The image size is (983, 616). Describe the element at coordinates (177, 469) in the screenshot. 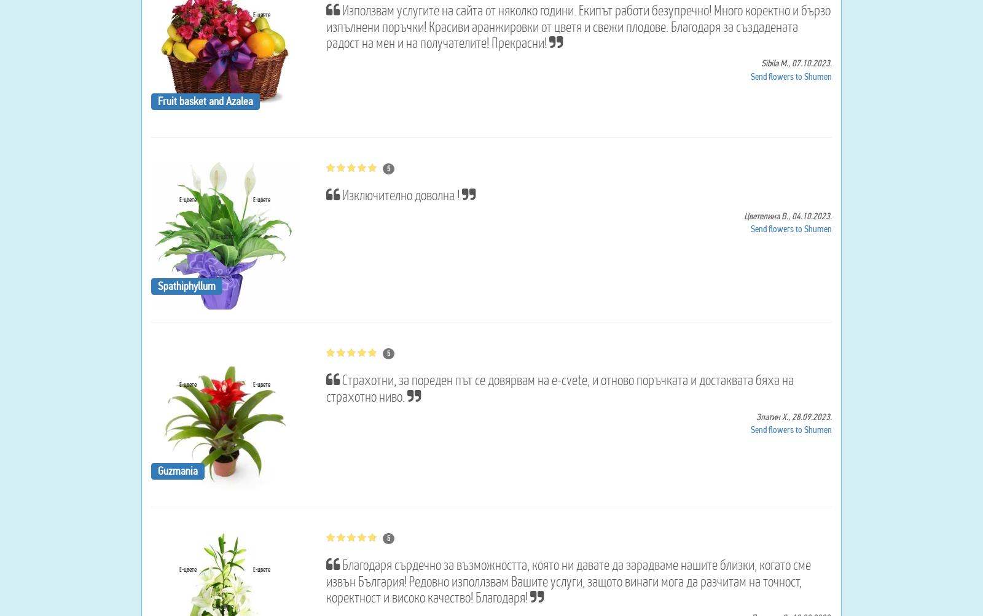

I see `'Guzmania'` at that location.